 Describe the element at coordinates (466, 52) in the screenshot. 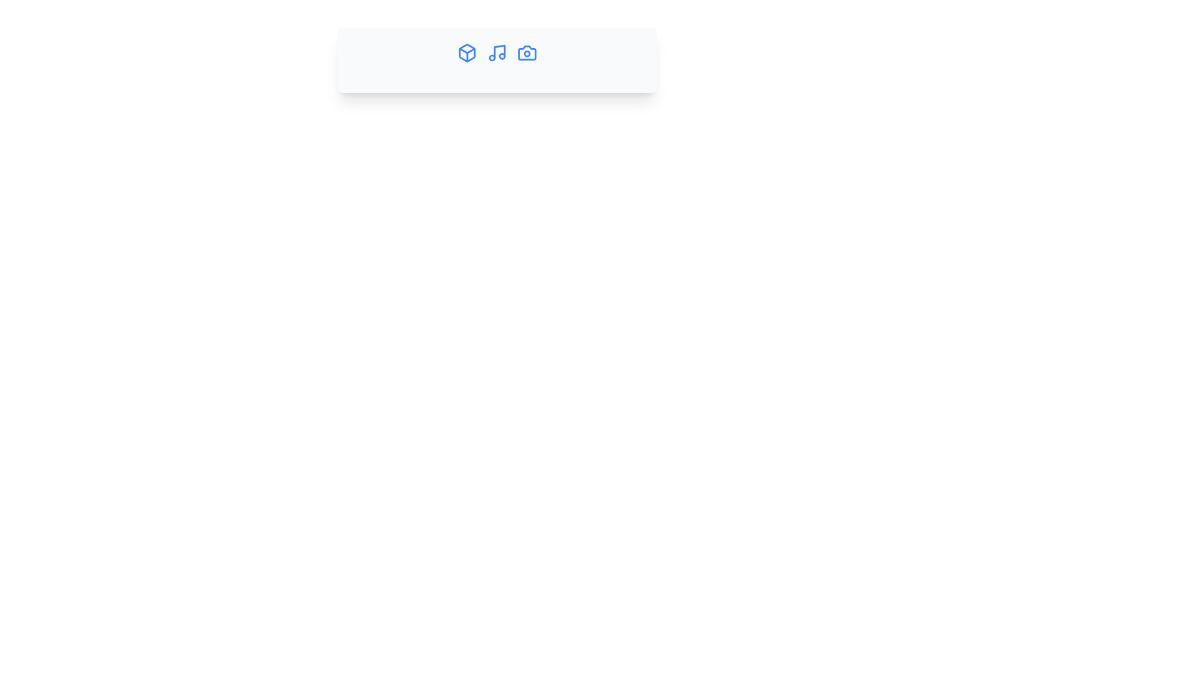

I see `the blue cube-shaped SVG icon, which is the first icon from the left in the horizontal menu bar` at that location.